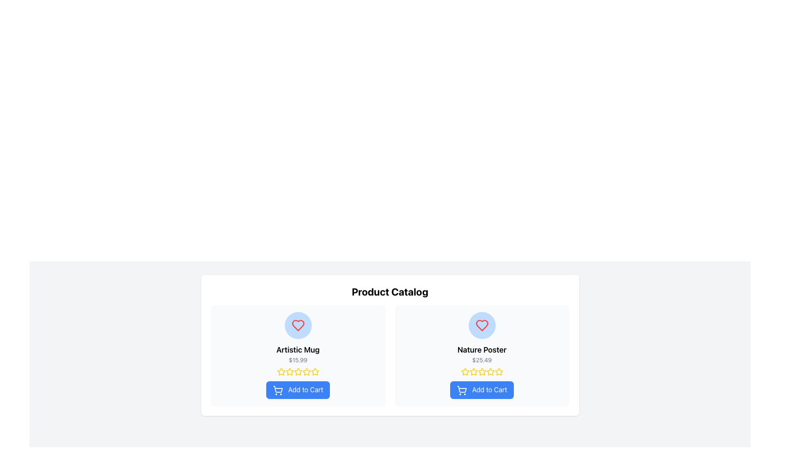  I want to click on the third star in the five-star rating system for the 'Artistic Mug' product, so click(306, 371).